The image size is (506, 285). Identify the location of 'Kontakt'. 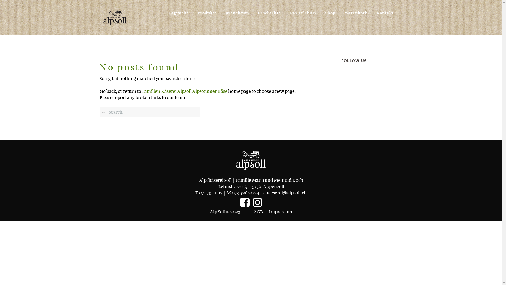
(385, 11).